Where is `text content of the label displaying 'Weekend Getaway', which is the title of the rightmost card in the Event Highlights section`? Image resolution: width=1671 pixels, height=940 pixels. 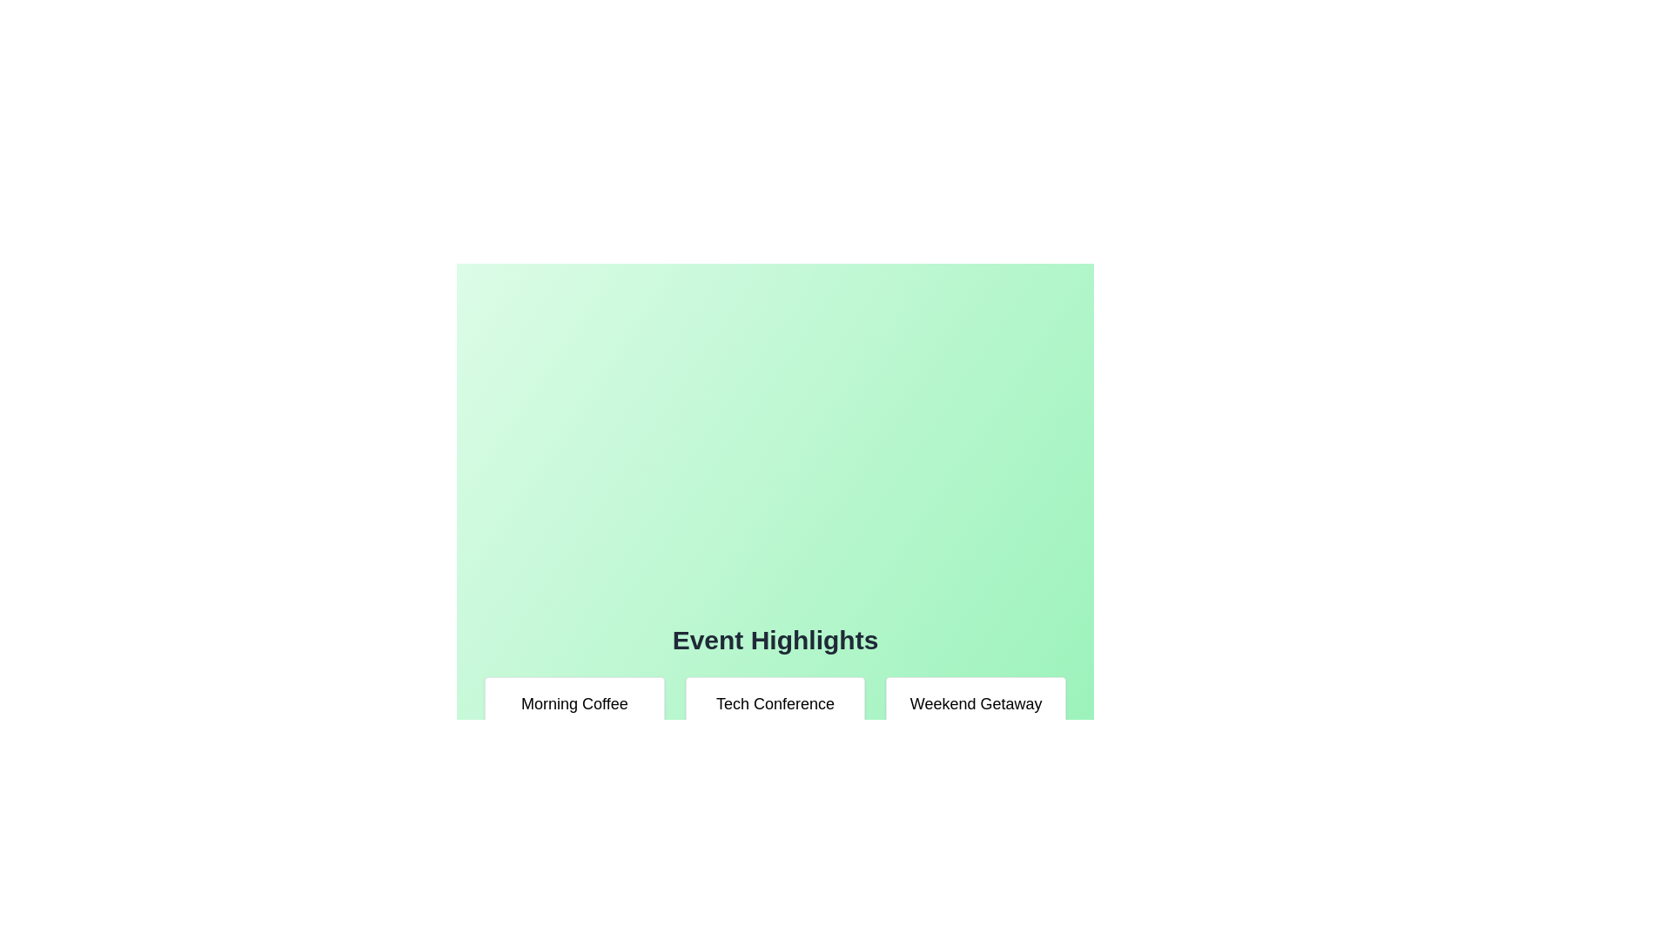 text content of the label displaying 'Weekend Getaway', which is the title of the rightmost card in the Event Highlights section is located at coordinates (976, 703).